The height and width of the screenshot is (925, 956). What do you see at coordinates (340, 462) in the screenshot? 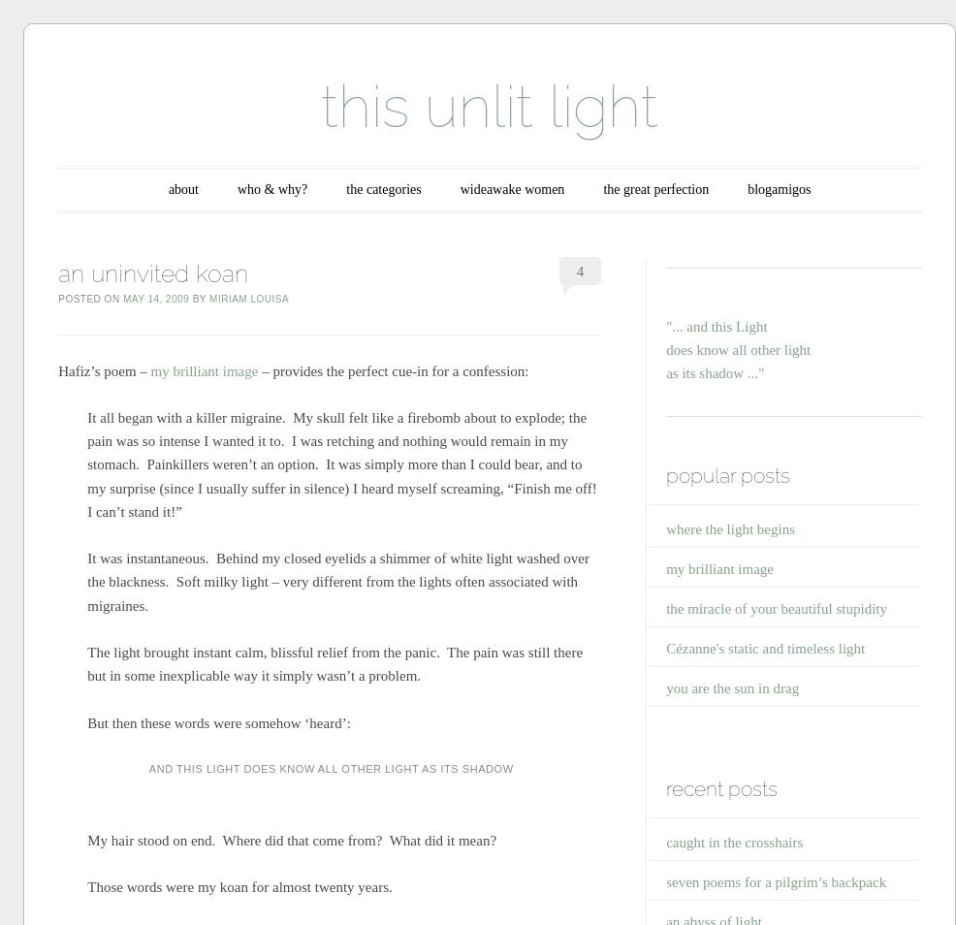
I see `'It all began with a killer migraine.  My skull felt like a firebomb about to explode; the pain was so intense I wanted it to.  I was retching and nothing would remain in my stomach.  Painkillers weren’t an option.  It was simply more than I could bear, and to my surprise (since I usually suffer in silence) I heard myself screaming, “Finish me off! I can’t stand it!”'` at bounding box center [340, 462].